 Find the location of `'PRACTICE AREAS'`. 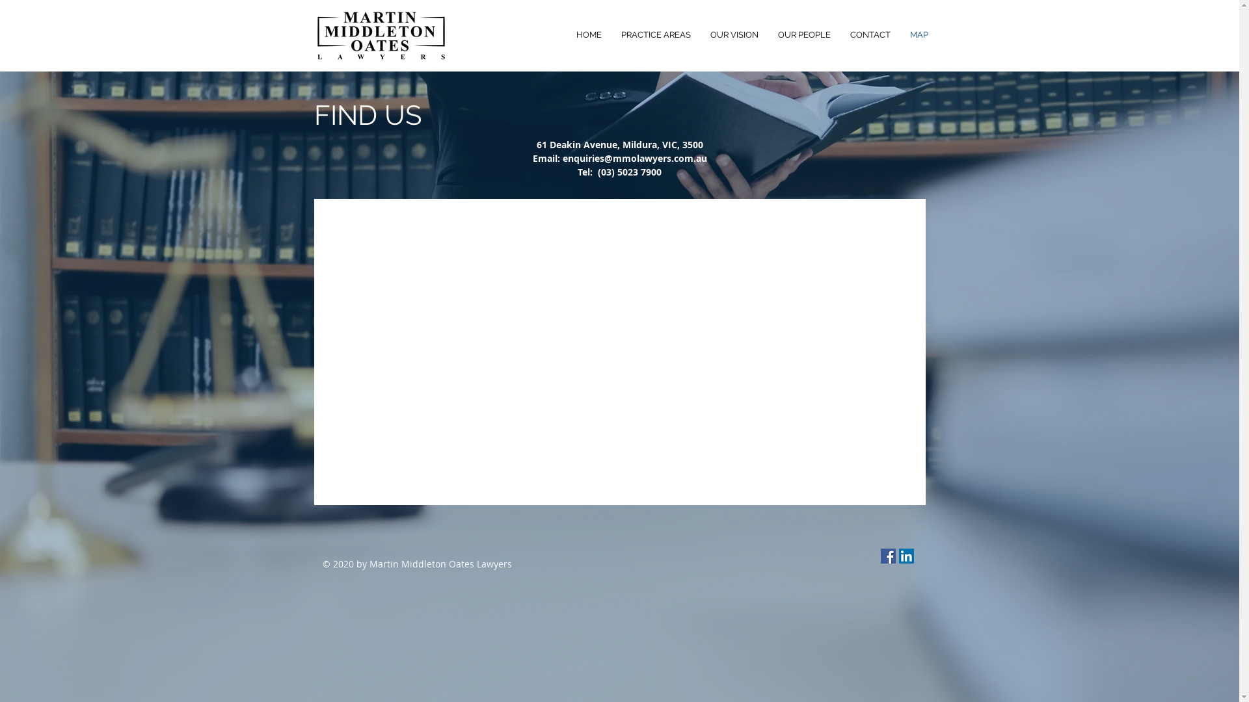

'PRACTICE AREAS' is located at coordinates (656, 34).